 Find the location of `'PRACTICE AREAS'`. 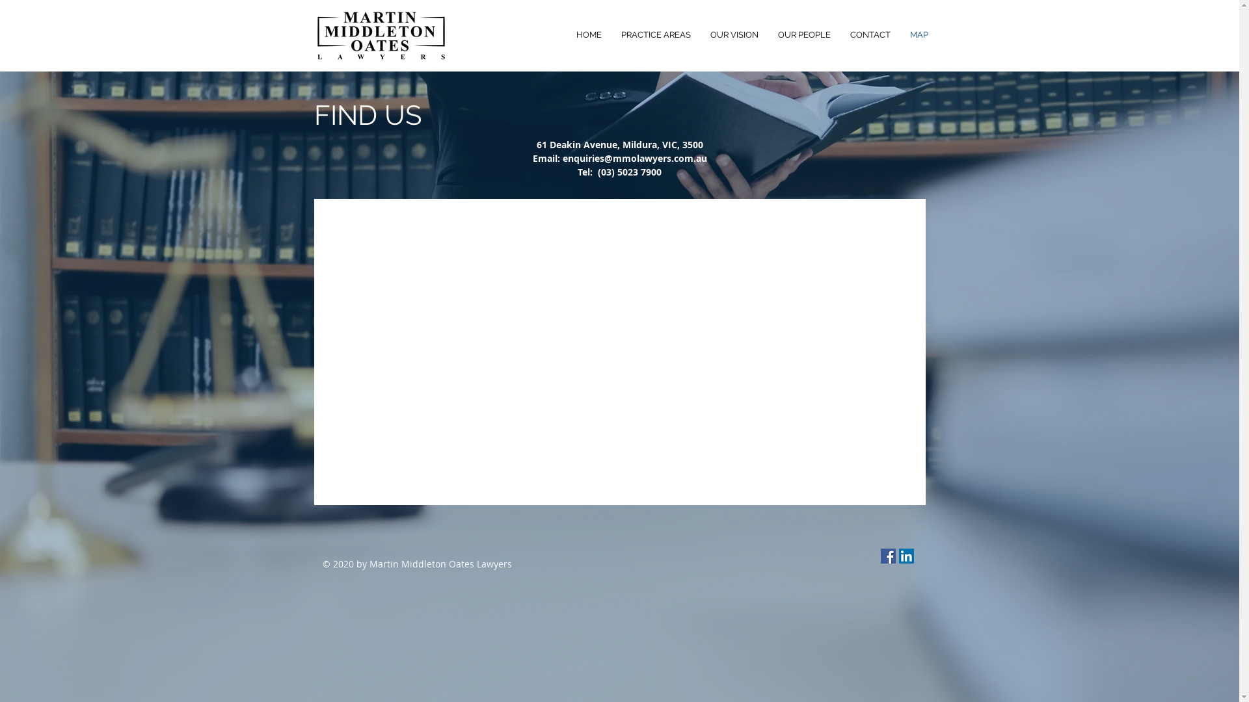

'PRACTICE AREAS' is located at coordinates (656, 34).